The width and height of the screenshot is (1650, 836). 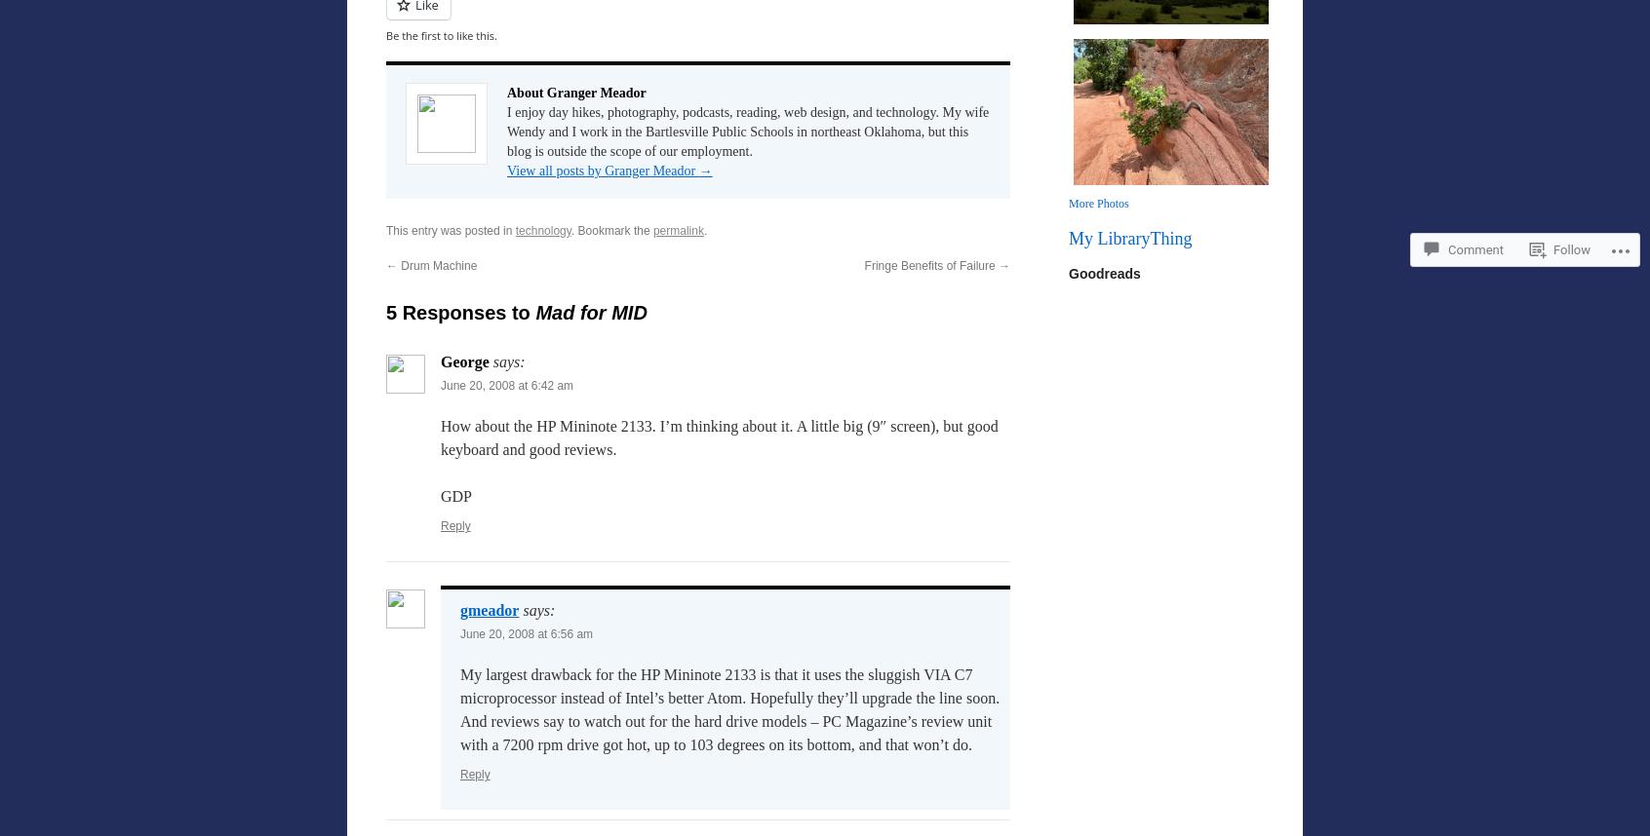 What do you see at coordinates (459, 311) in the screenshot?
I see `'5 Responses to'` at bounding box center [459, 311].